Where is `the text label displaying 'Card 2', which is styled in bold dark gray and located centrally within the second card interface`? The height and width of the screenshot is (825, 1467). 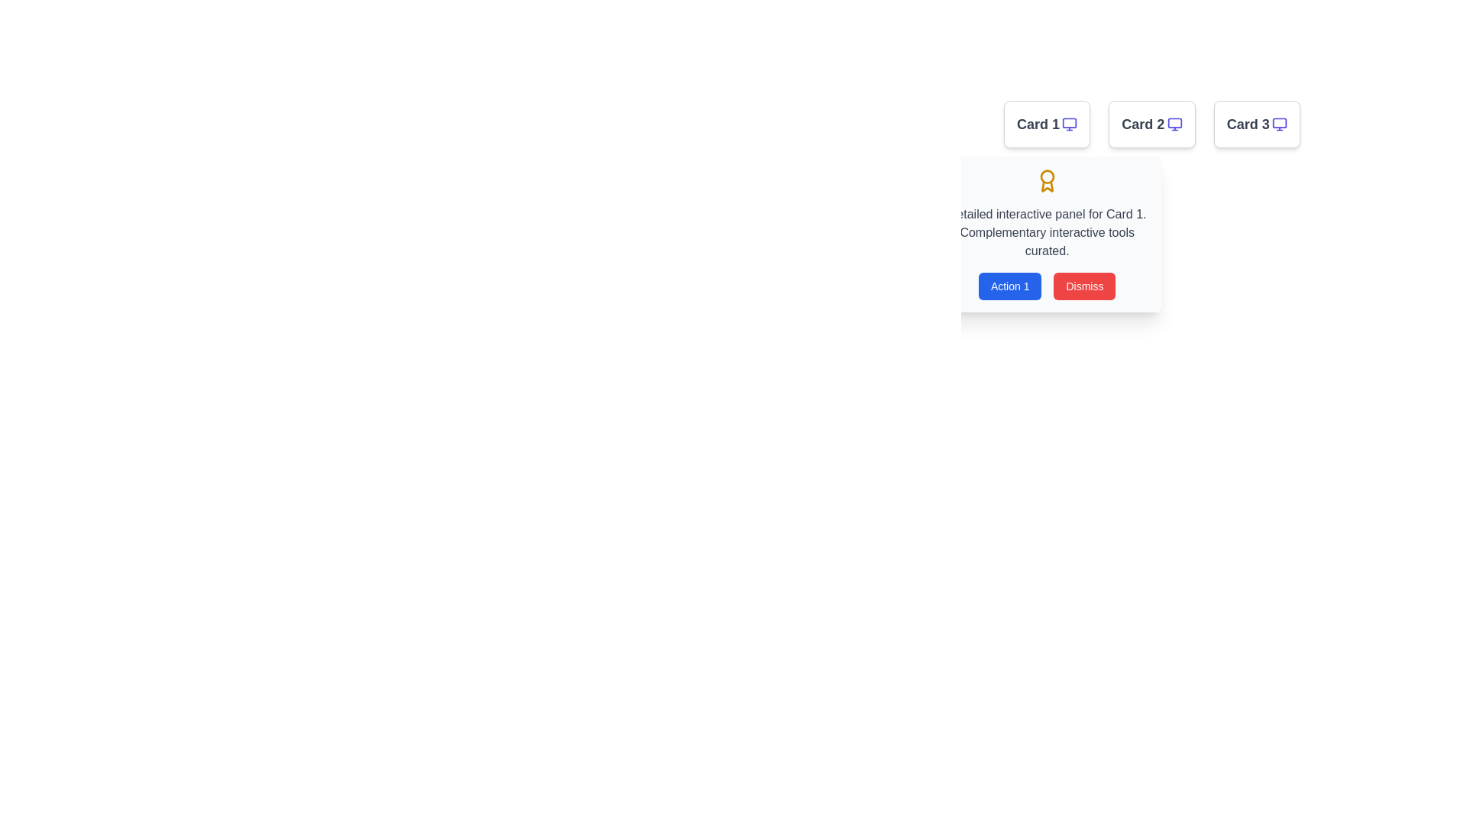 the text label displaying 'Card 2', which is styled in bold dark gray and located centrally within the second card interface is located at coordinates (1143, 123).